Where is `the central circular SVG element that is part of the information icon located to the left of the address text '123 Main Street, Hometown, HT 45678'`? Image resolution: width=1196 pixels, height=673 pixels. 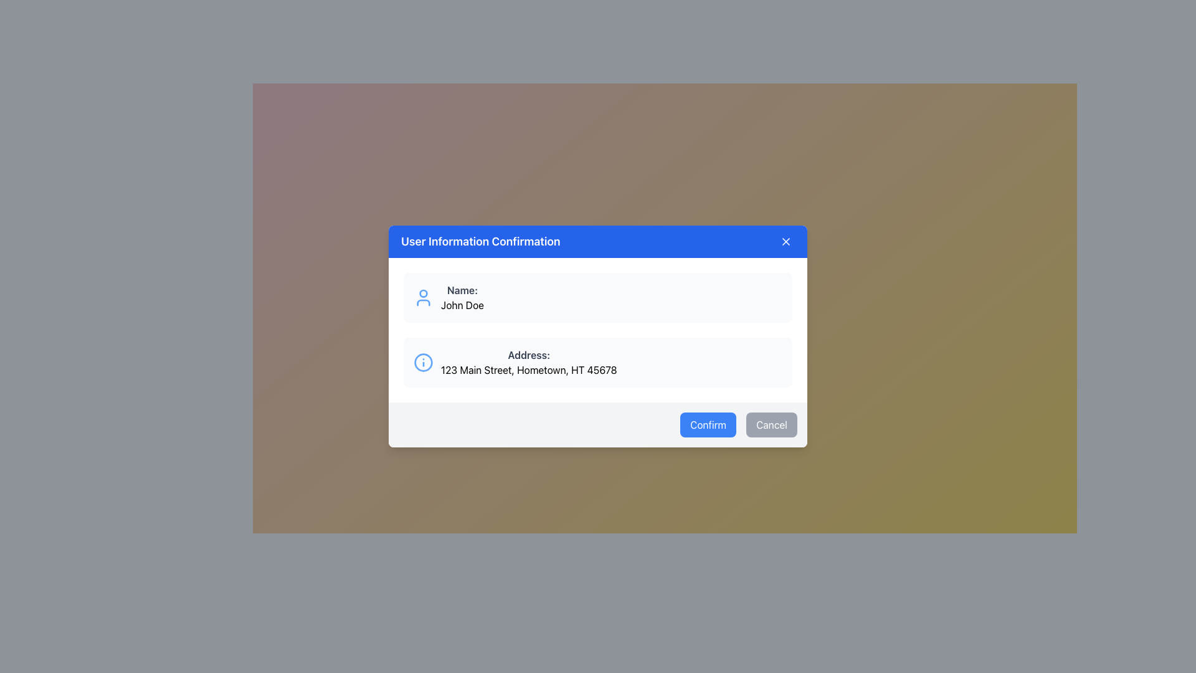
the central circular SVG element that is part of the information icon located to the left of the address text '123 Main Street, Hometown, HT 45678' is located at coordinates (424, 363).